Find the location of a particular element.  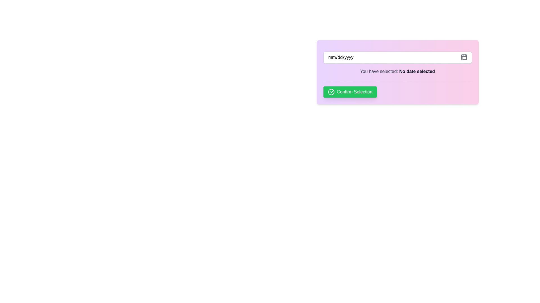

the calendar icon, which is a minimalist outline drawing located to the right of the date input field is located at coordinates (464, 57).